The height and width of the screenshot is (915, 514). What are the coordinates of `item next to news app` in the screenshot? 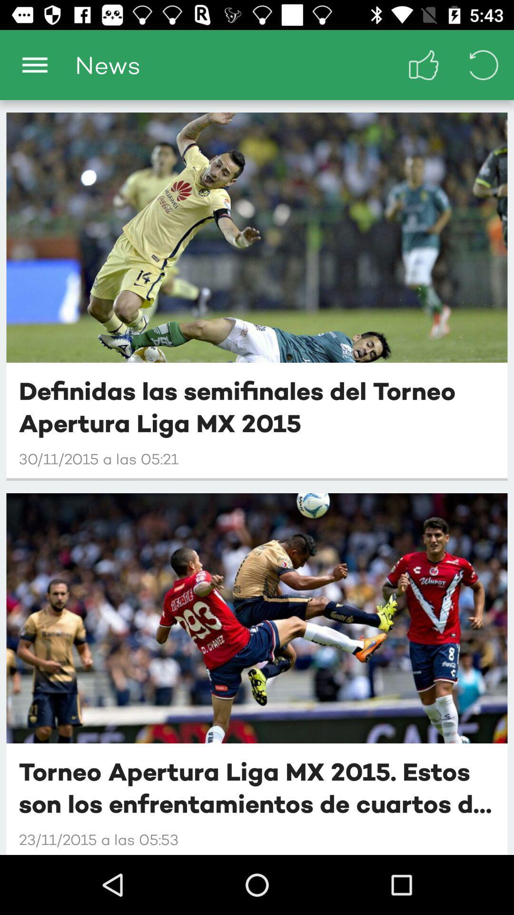 It's located at (424, 64).